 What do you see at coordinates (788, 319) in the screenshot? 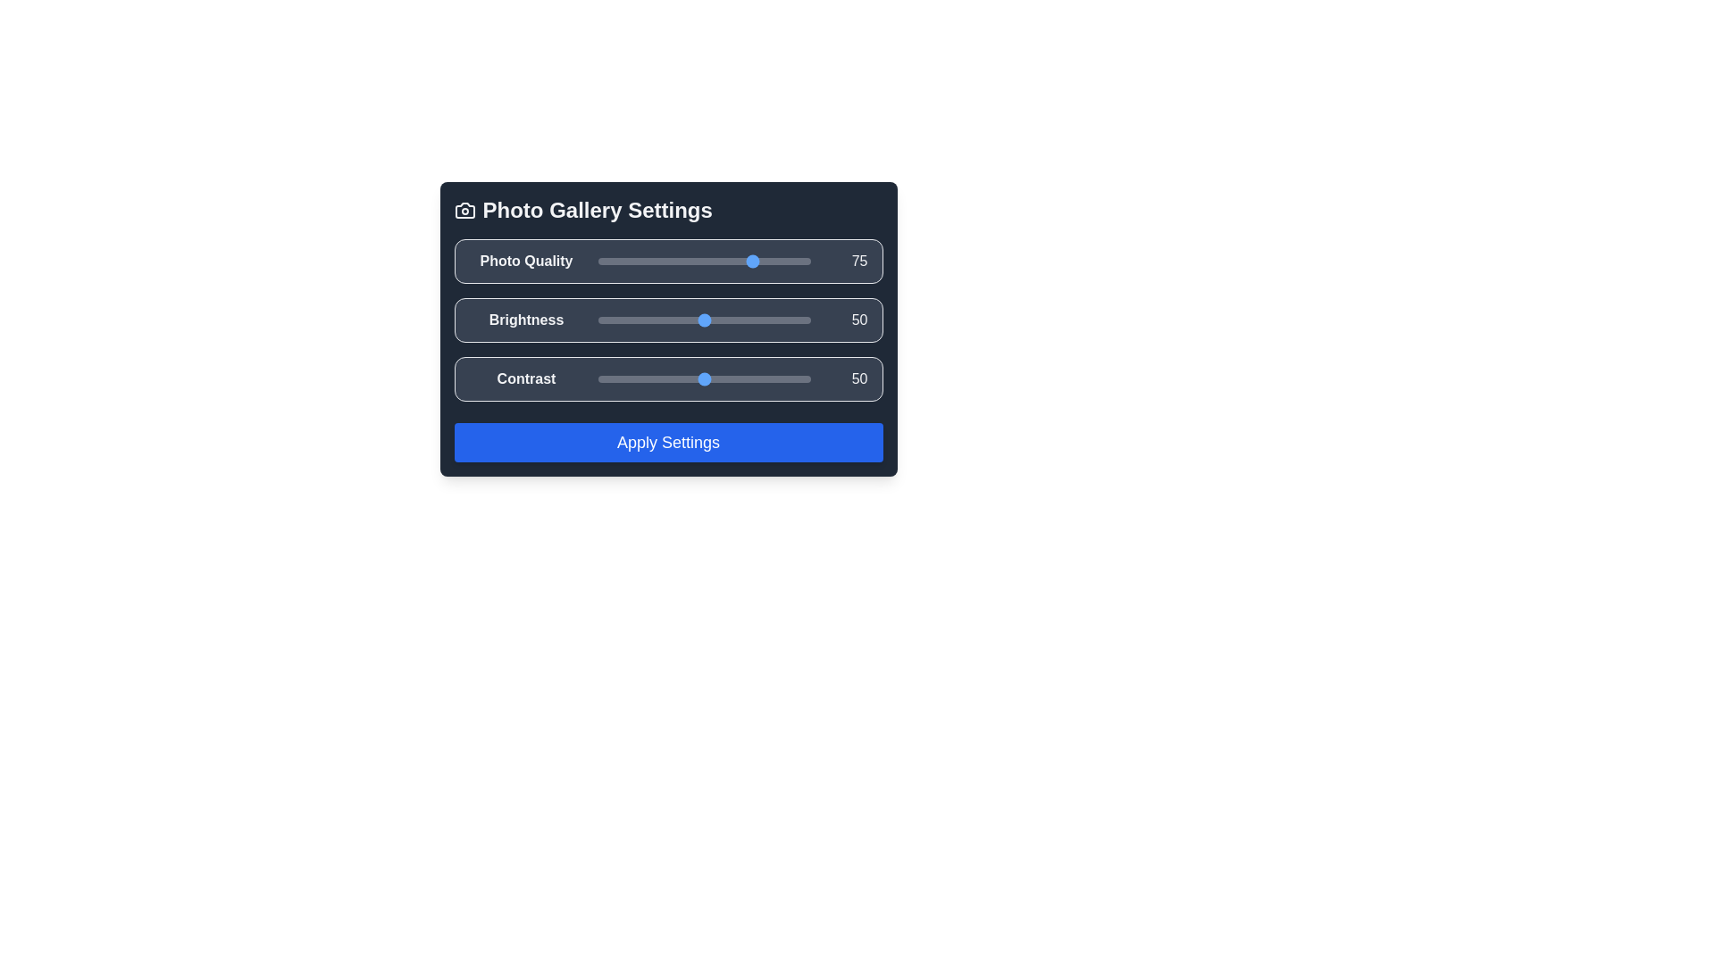
I see `brightness` at bounding box center [788, 319].